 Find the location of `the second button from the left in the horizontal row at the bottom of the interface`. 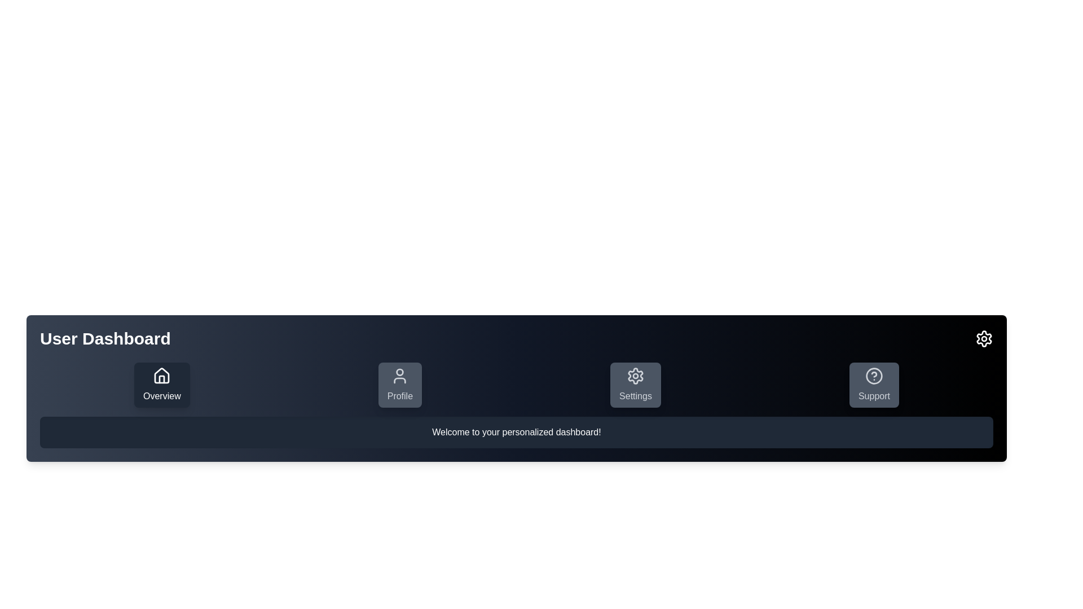

the second button from the left in the horizontal row at the bottom of the interface is located at coordinates (400, 384).